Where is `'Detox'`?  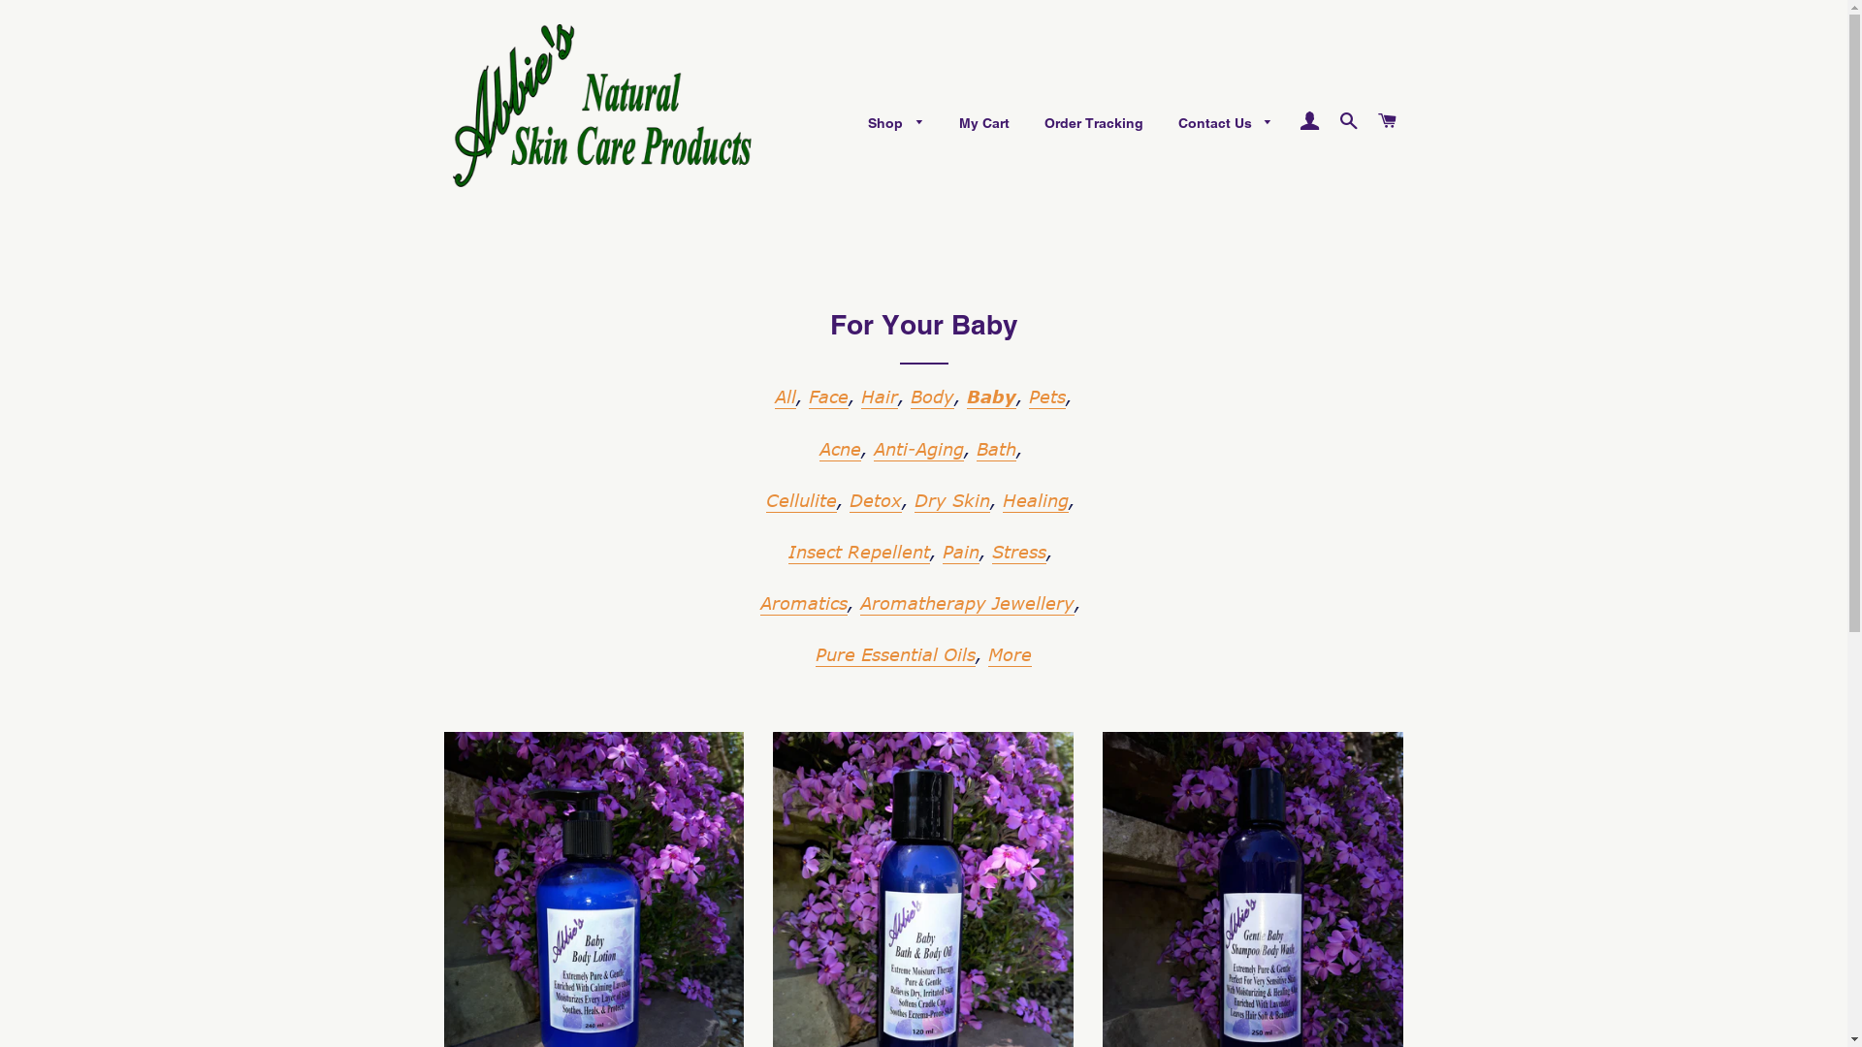
'Detox' is located at coordinates (874, 499).